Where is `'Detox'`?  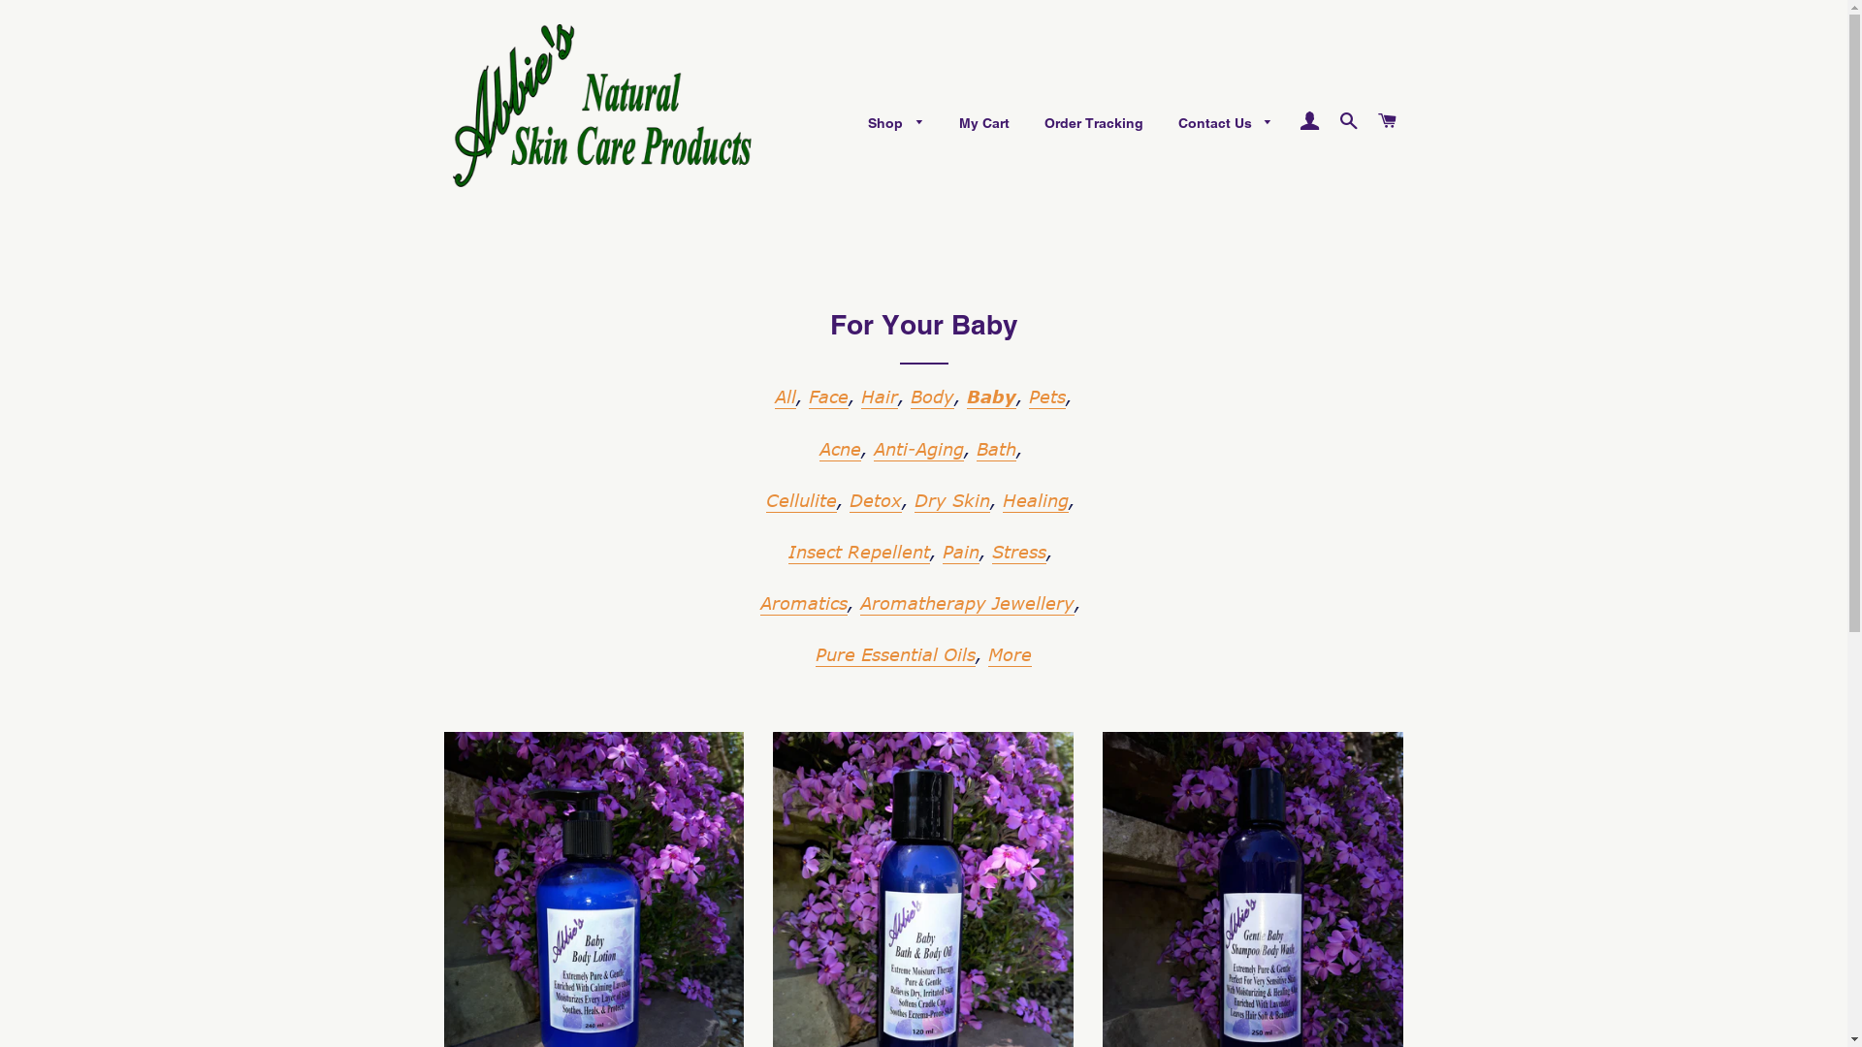
'Detox' is located at coordinates (874, 499).